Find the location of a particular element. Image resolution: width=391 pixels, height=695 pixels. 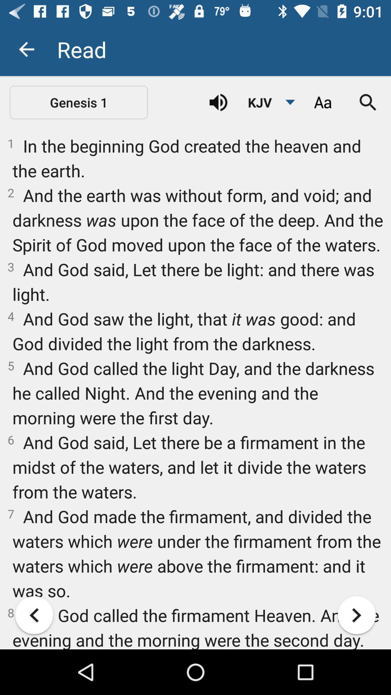

the item to the right of genesis 1 item is located at coordinates (218, 102).